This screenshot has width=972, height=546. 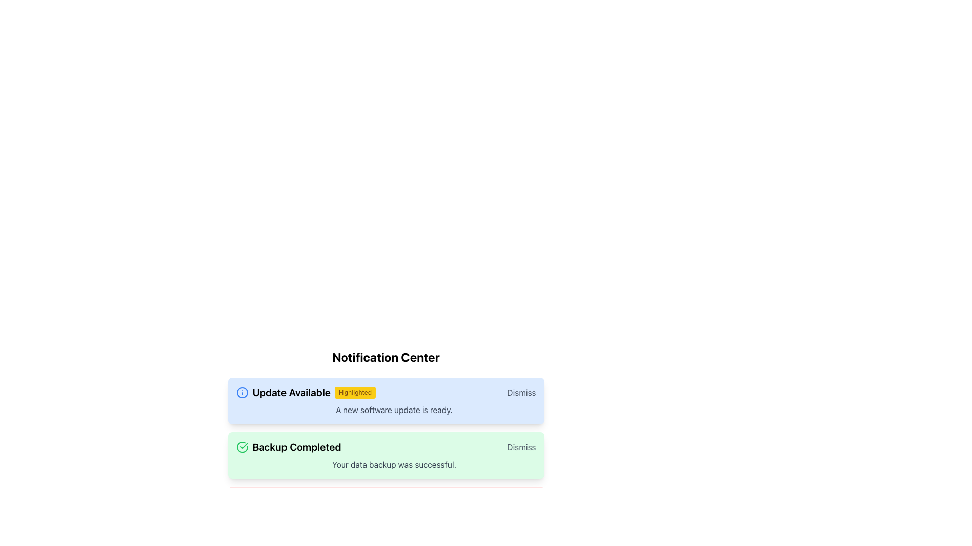 I want to click on the first notification card in the 'Notification Center', located directly under the title 'Notification Center', so click(x=385, y=406).